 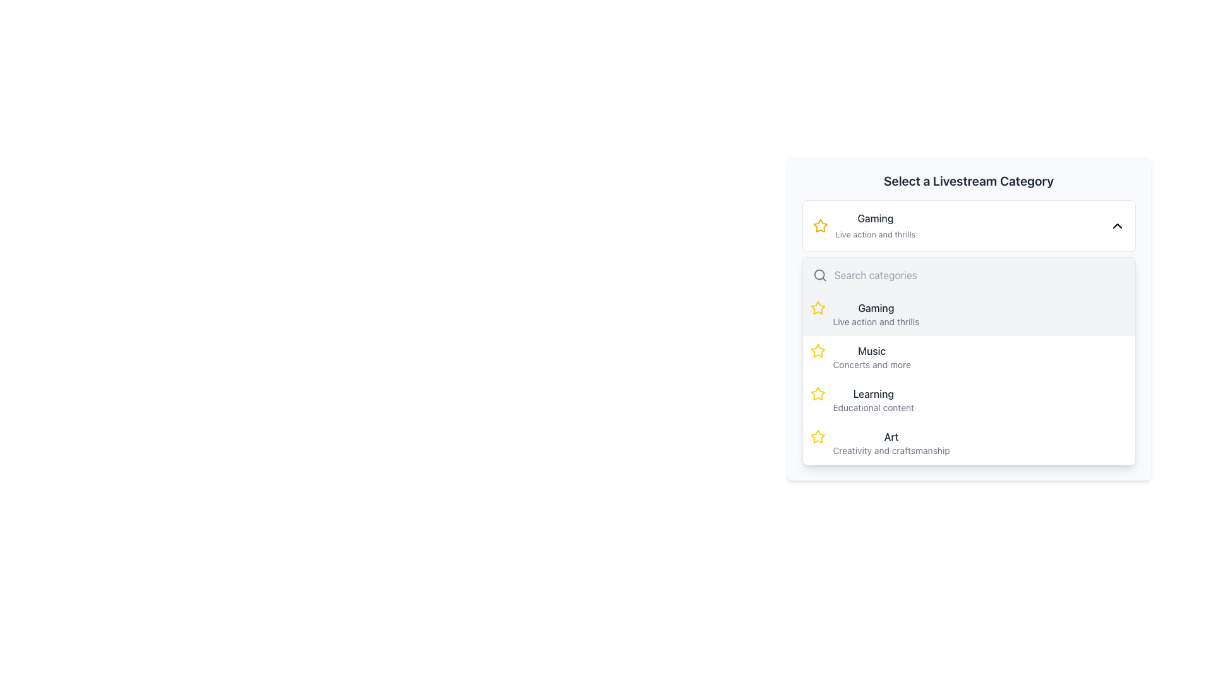 What do you see at coordinates (872, 400) in the screenshot?
I see `the list item titled 'Learning' which is the third item in the dropdown 'Select a Livestream Category'` at bounding box center [872, 400].